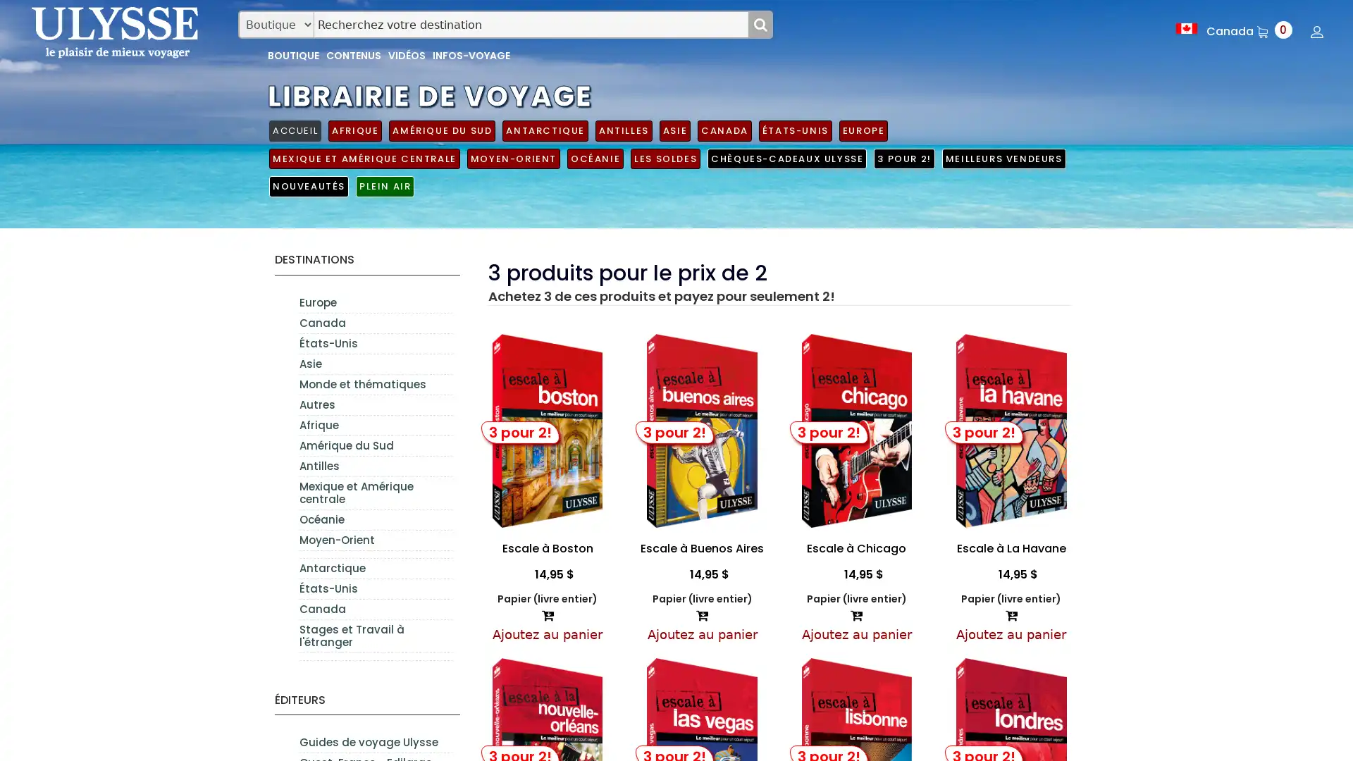  I want to click on Ajoutez au panier, so click(1011, 633).